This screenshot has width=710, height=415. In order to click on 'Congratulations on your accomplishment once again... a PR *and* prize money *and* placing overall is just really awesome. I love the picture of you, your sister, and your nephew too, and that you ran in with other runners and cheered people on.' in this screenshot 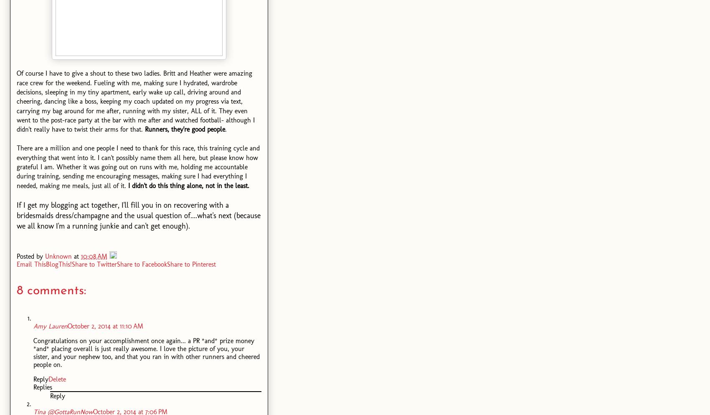, I will do `click(33, 352)`.